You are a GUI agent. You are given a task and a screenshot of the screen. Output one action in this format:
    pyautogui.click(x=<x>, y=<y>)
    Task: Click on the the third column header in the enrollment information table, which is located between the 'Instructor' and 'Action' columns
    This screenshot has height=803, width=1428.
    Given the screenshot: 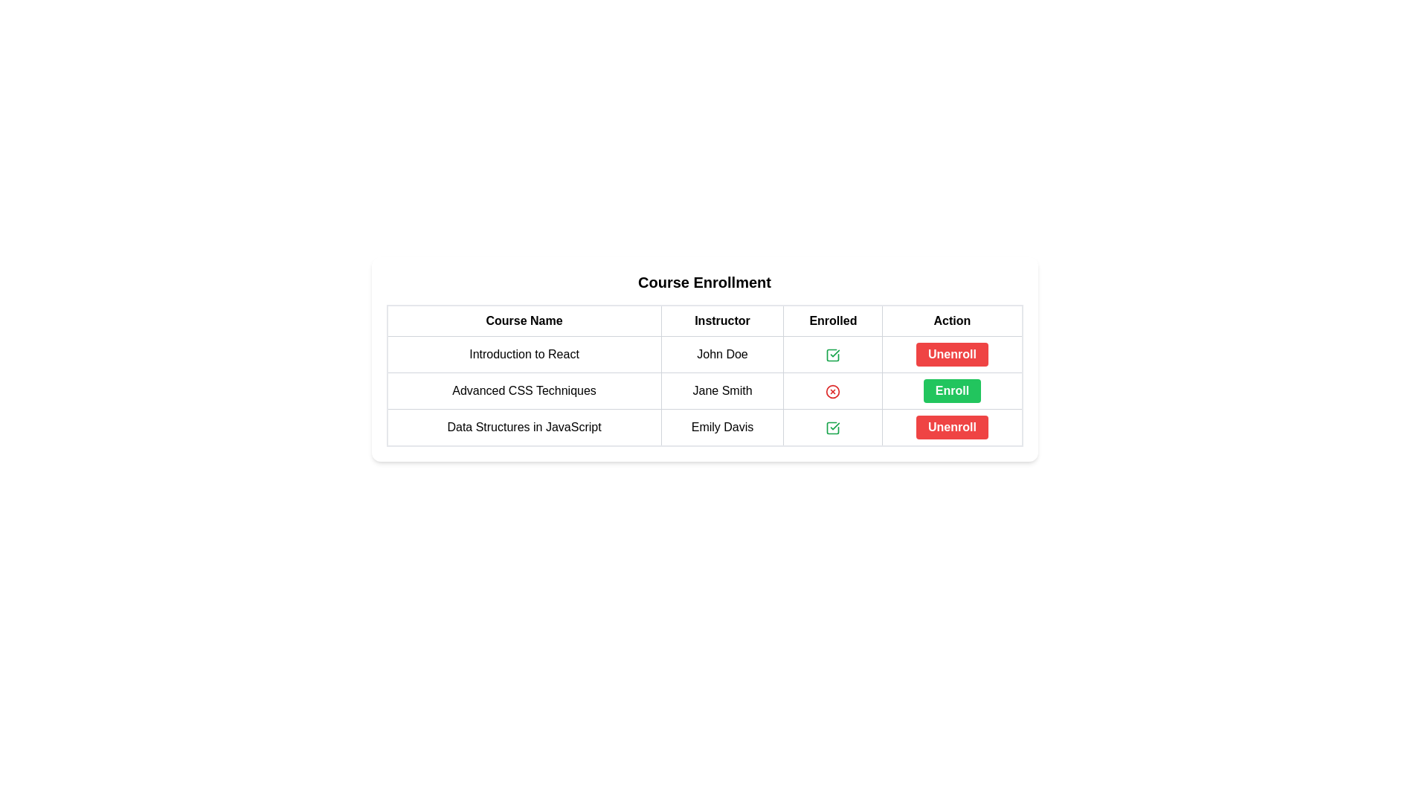 What is the action you would take?
    pyautogui.click(x=833, y=320)
    